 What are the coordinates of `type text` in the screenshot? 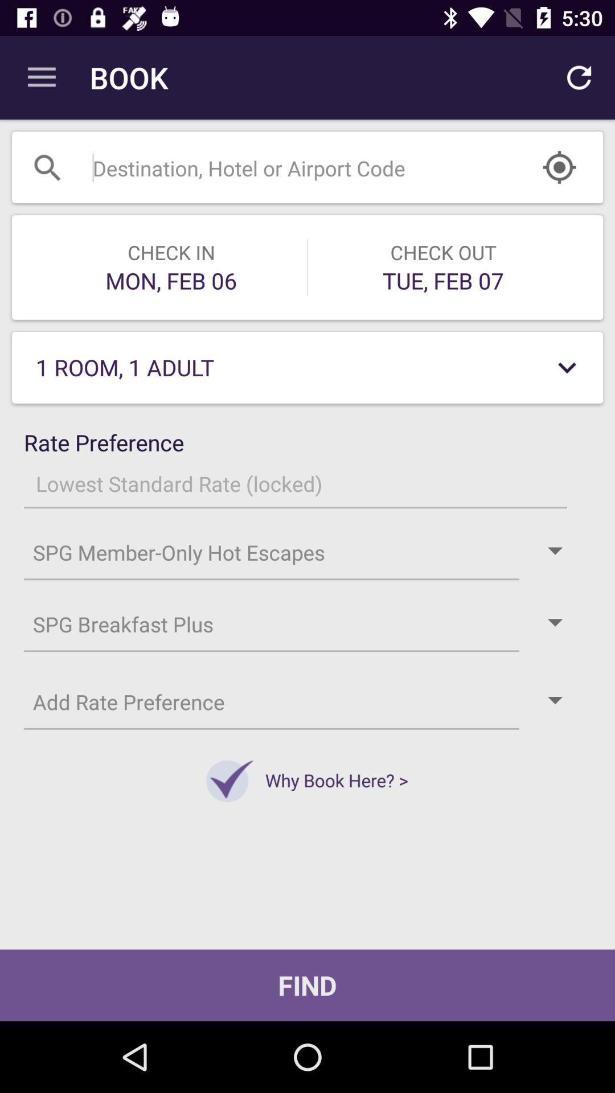 It's located at (278, 166).